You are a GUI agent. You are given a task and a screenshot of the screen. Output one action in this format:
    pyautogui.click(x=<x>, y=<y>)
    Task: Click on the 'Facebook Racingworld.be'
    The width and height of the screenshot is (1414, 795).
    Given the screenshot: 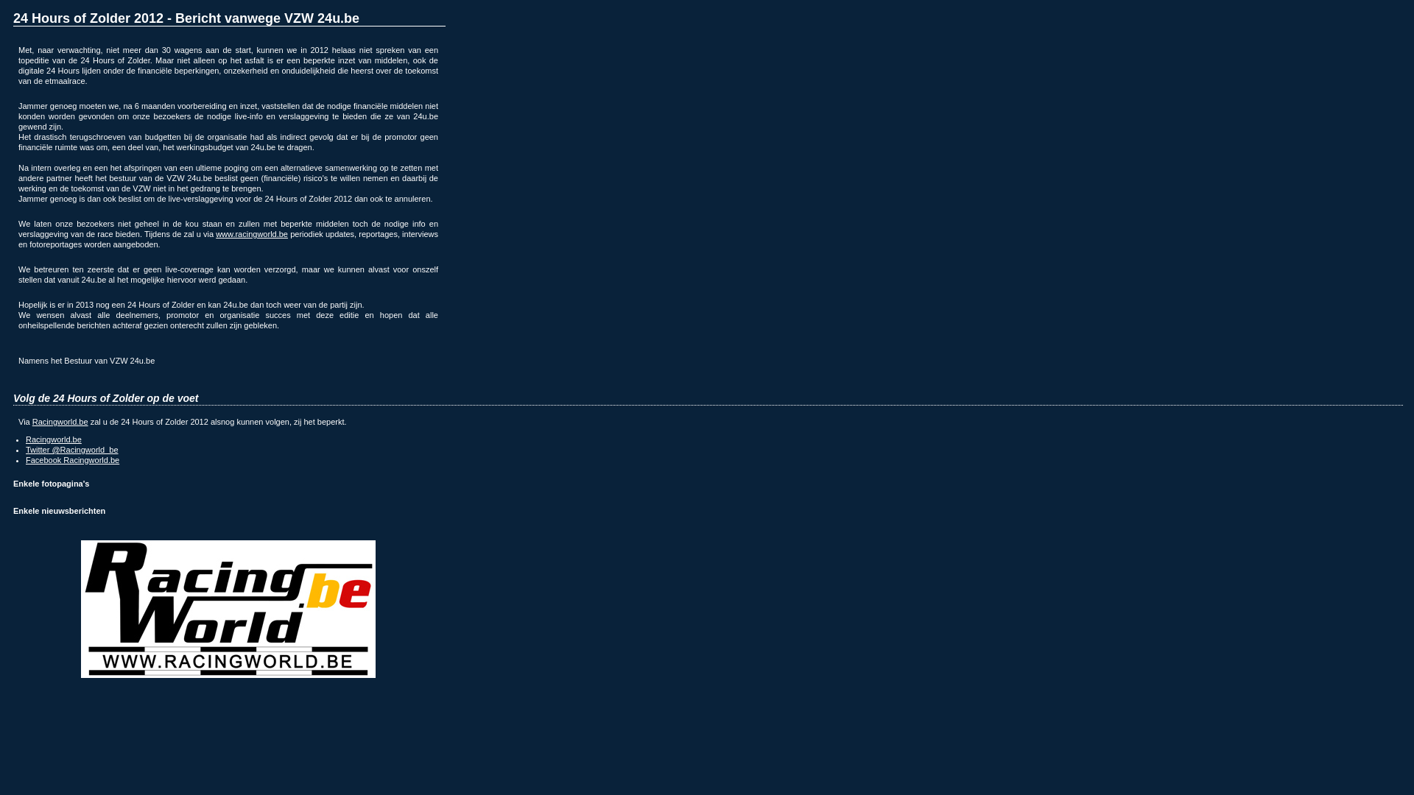 What is the action you would take?
    pyautogui.click(x=71, y=459)
    